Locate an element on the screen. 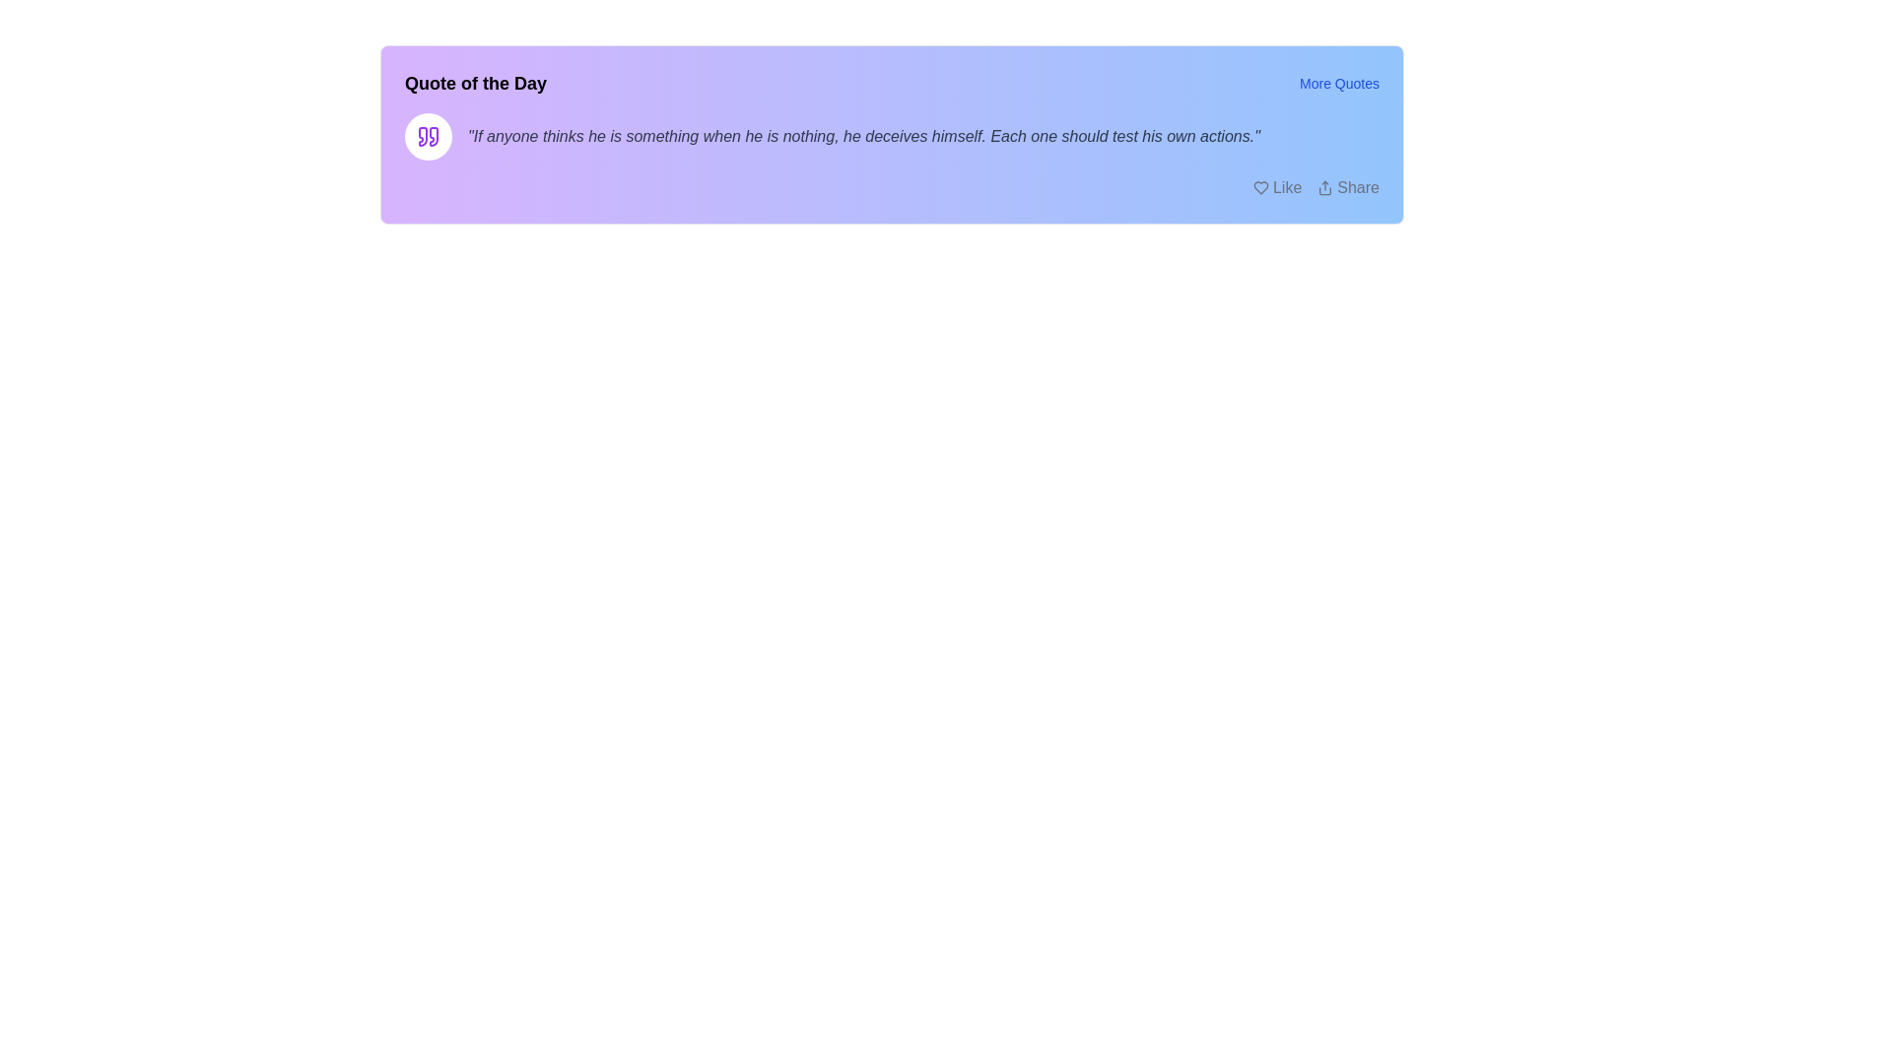  the 'Like' text label, which is styled in gray and positioned between a heart icon and a 'Share' button in the horizontal arrangement is located at coordinates (1287, 188).